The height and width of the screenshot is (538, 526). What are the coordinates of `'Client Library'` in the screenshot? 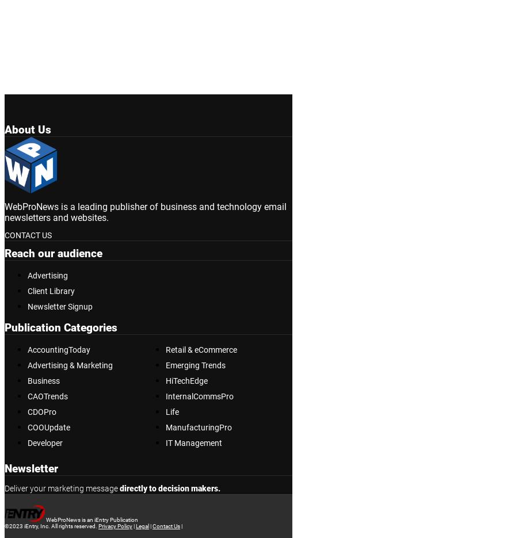 It's located at (26, 291).